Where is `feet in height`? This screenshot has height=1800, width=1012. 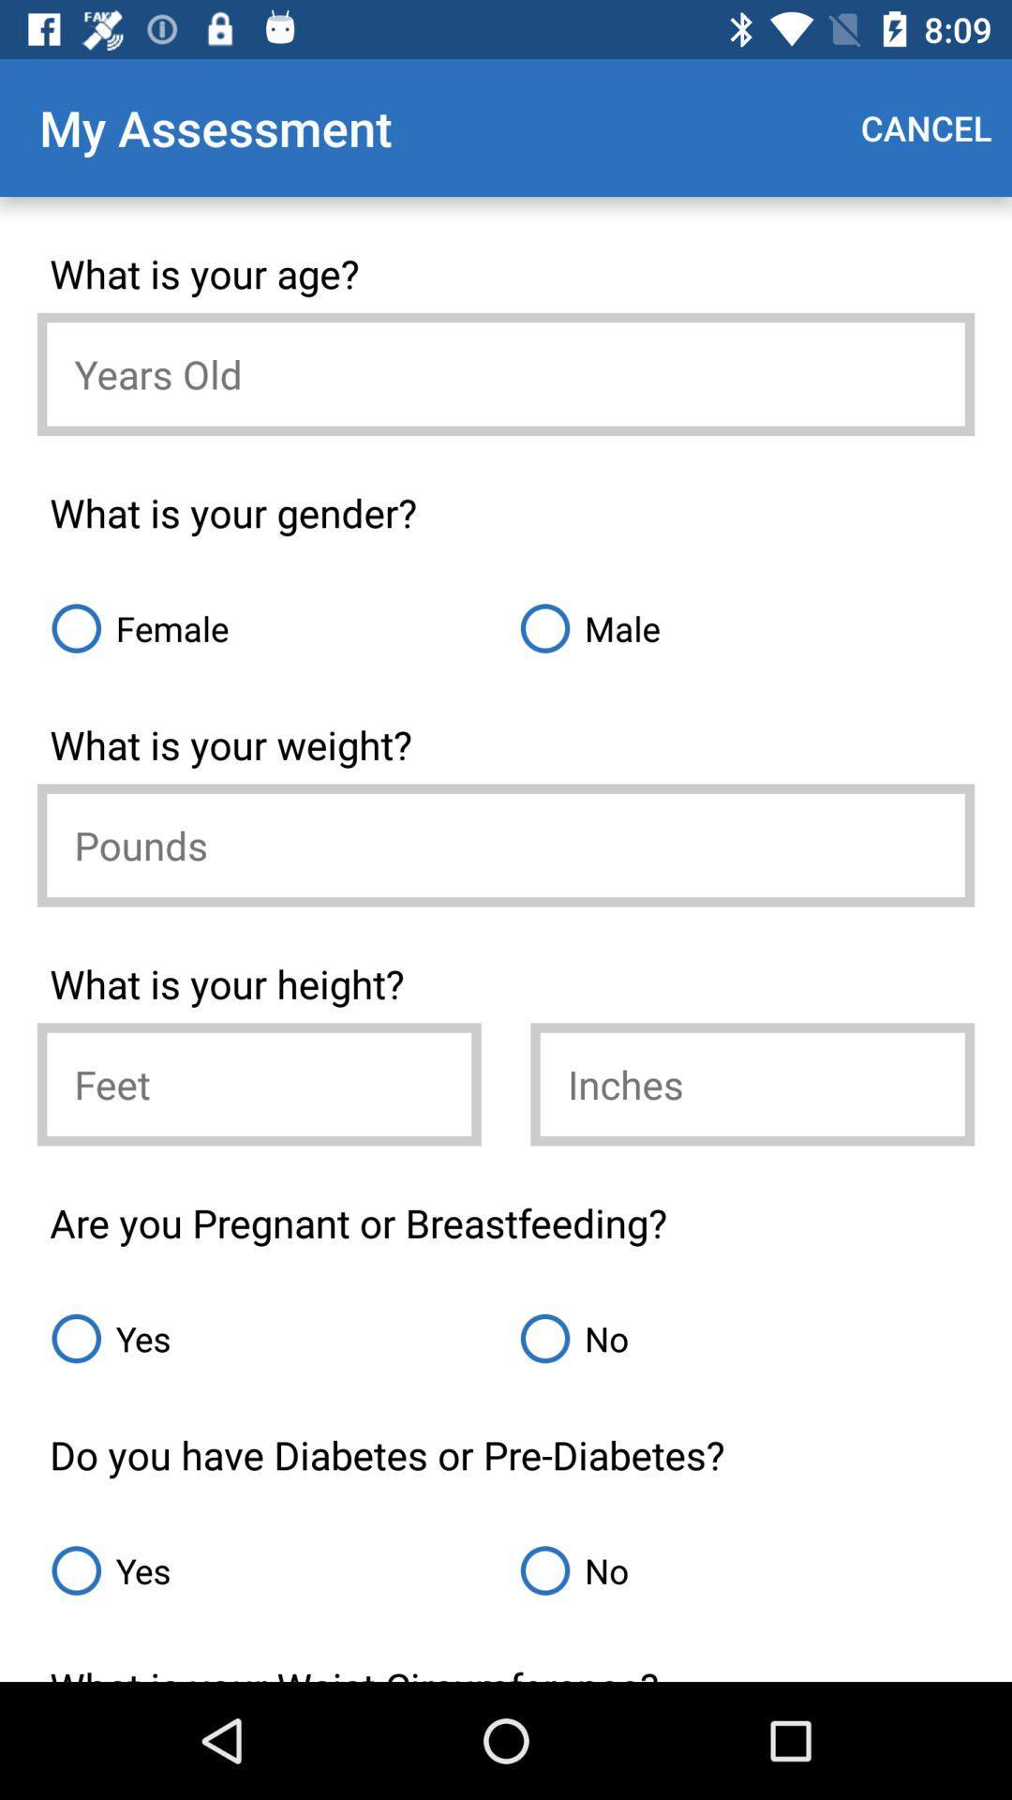 feet in height is located at coordinates (259, 1084).